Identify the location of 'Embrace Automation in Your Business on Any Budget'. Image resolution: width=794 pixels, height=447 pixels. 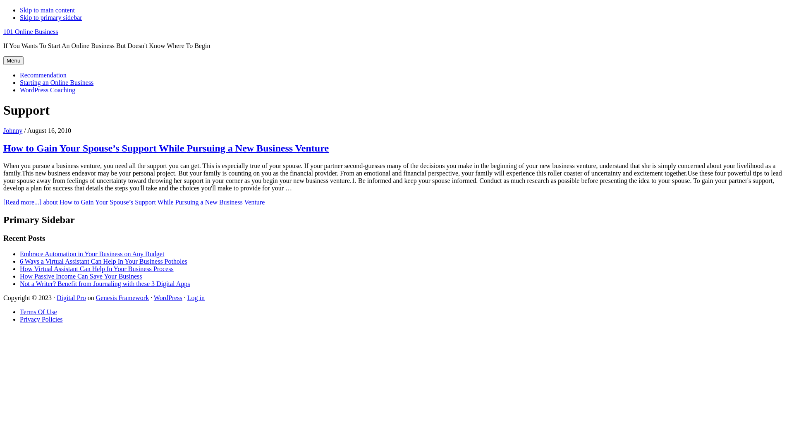
(20, 253).